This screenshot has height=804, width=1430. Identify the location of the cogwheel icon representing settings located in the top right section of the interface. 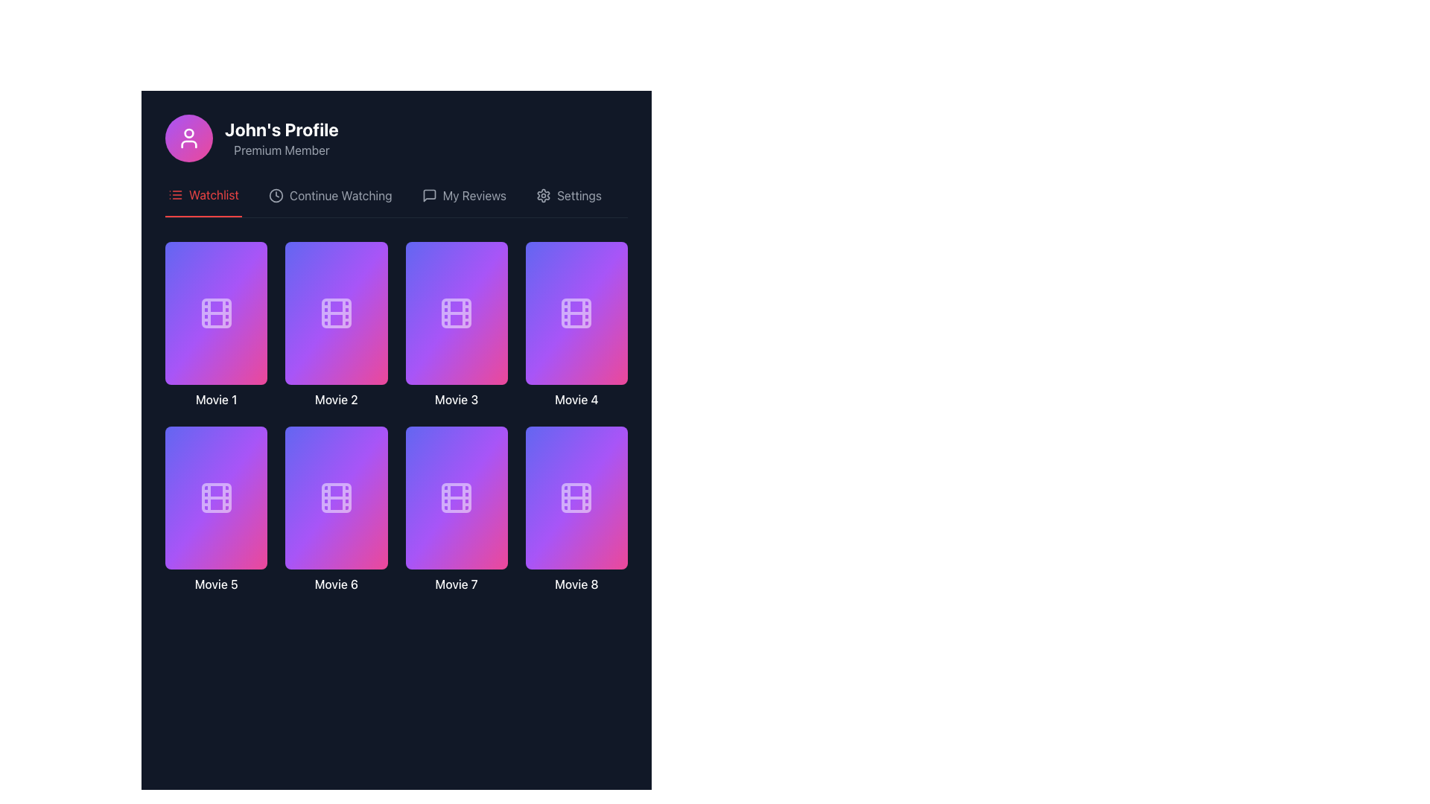
(543, 194).